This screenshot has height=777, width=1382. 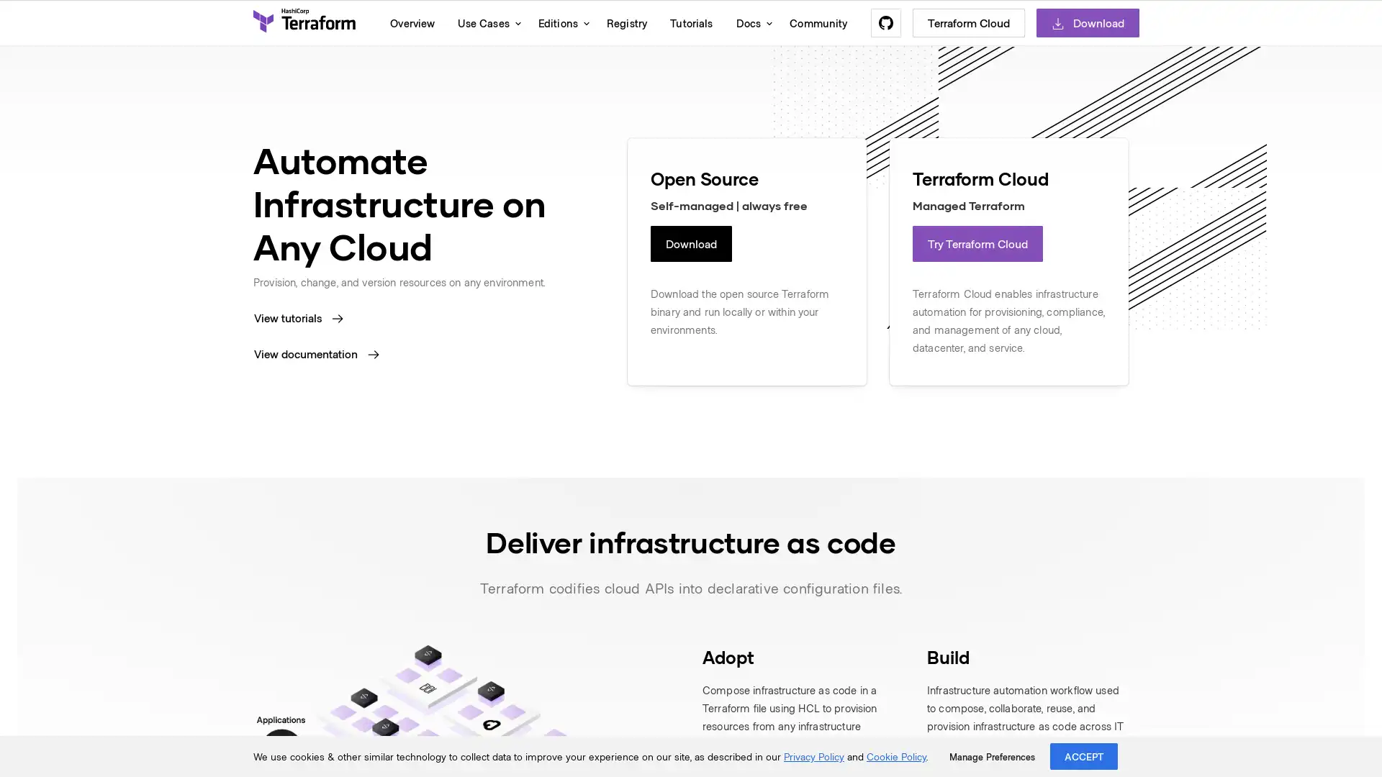 I want to click on ACCEPT, so click(x=1084, y=755).